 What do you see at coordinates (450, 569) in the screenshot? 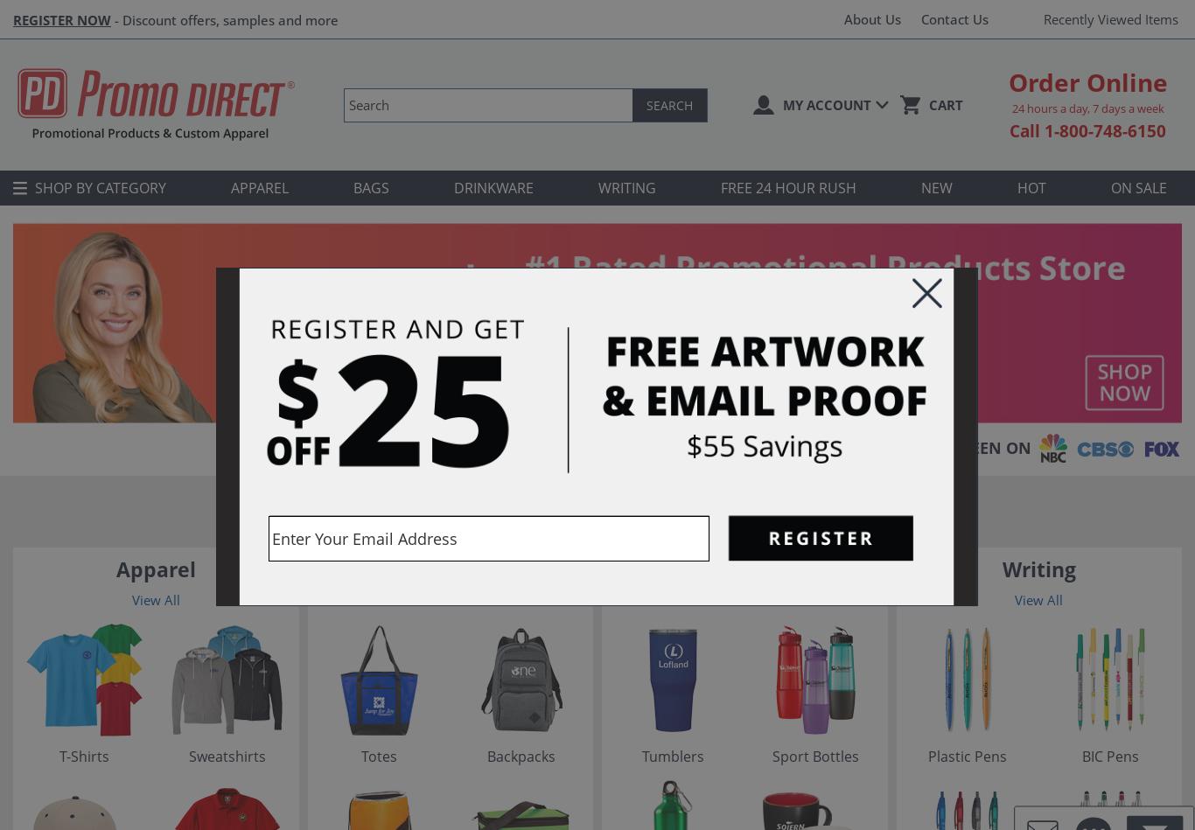
I see `'Bags'` at bounding box center [450, 569].